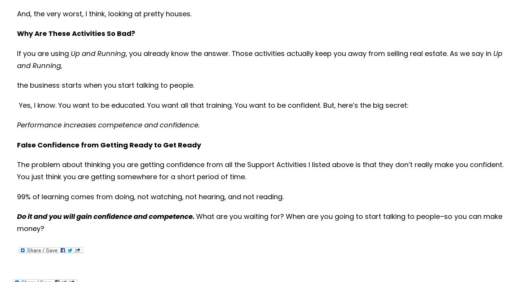 The height and width of the screenshot is (282, 530). I want to click on 'False Confidence from Getting Ready to Get Ready', so click(109, 144).